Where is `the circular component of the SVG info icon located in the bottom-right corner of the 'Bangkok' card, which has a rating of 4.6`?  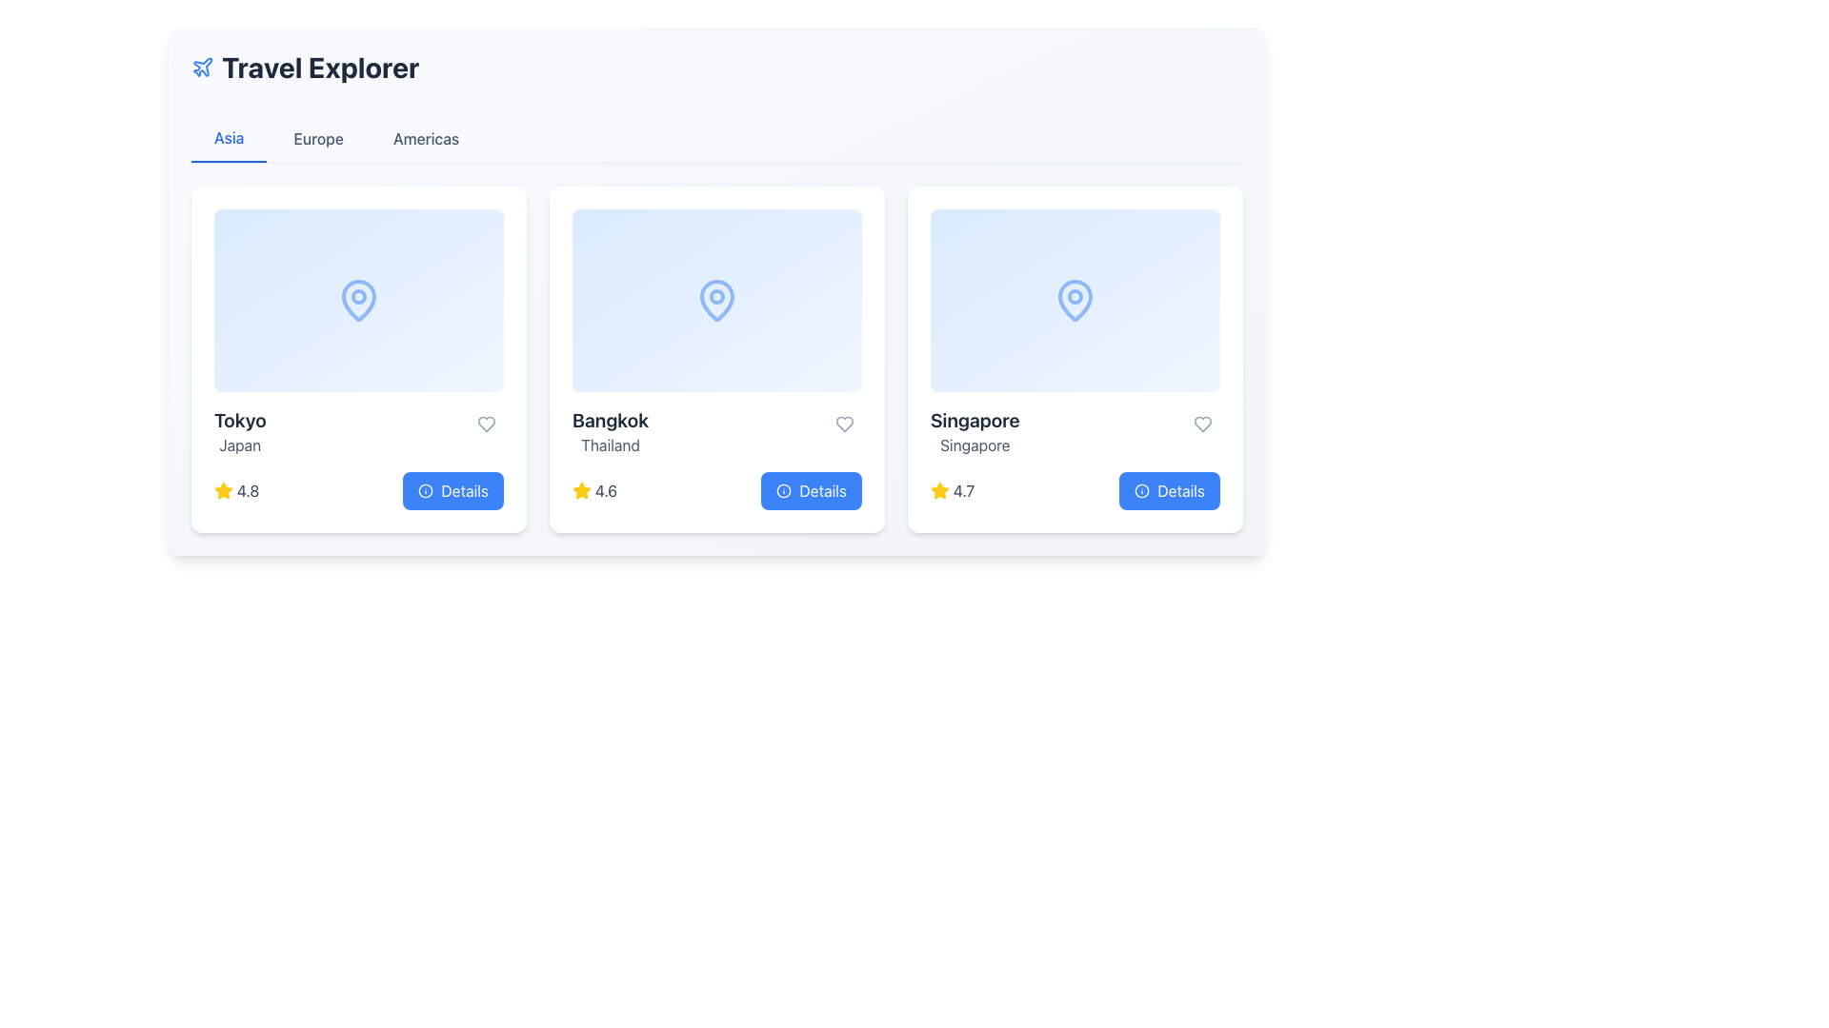
the circular component of the SVG info icon located in the bottom-right corner of the 'Bangkok' card, which has a rating of 4.6 is located at coordinates (784, 490).